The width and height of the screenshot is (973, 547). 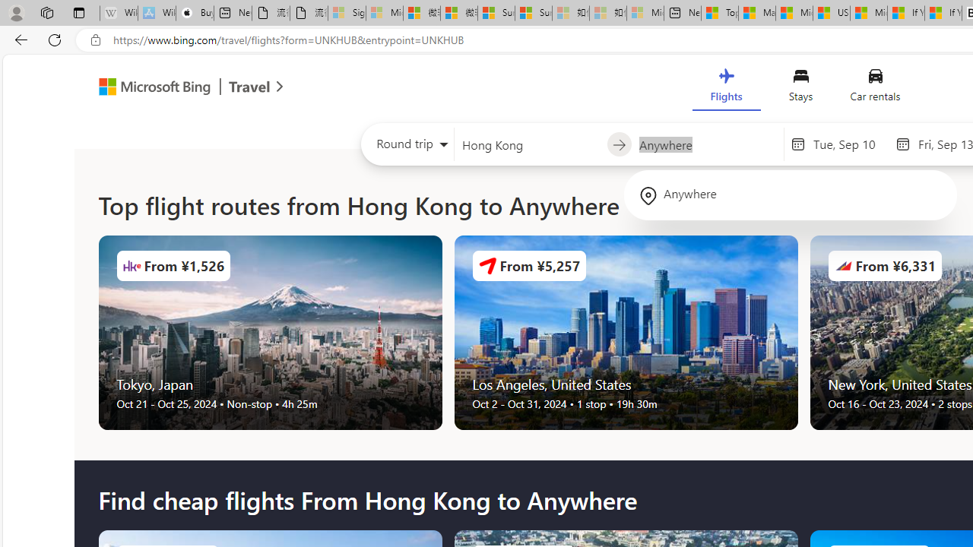 I want to click on 'Sign in to your Microsoft account - Sleeping', so click(x=346, y=13).